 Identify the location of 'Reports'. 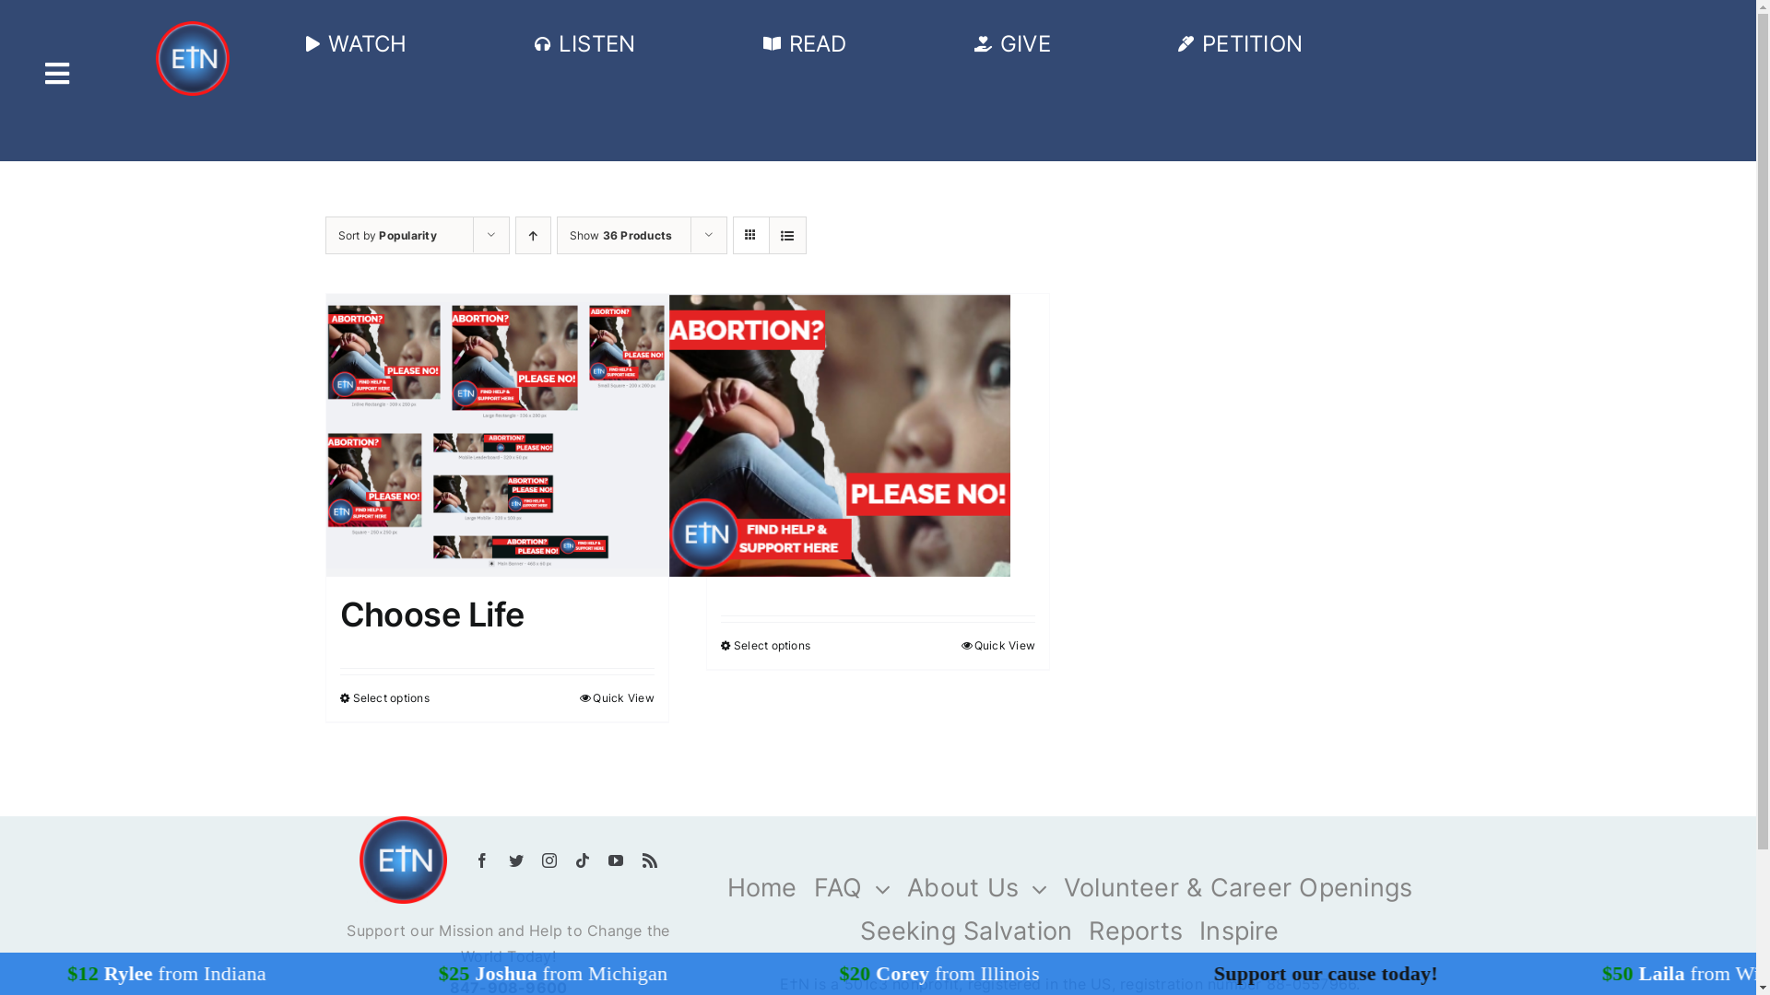
(1080, 931).